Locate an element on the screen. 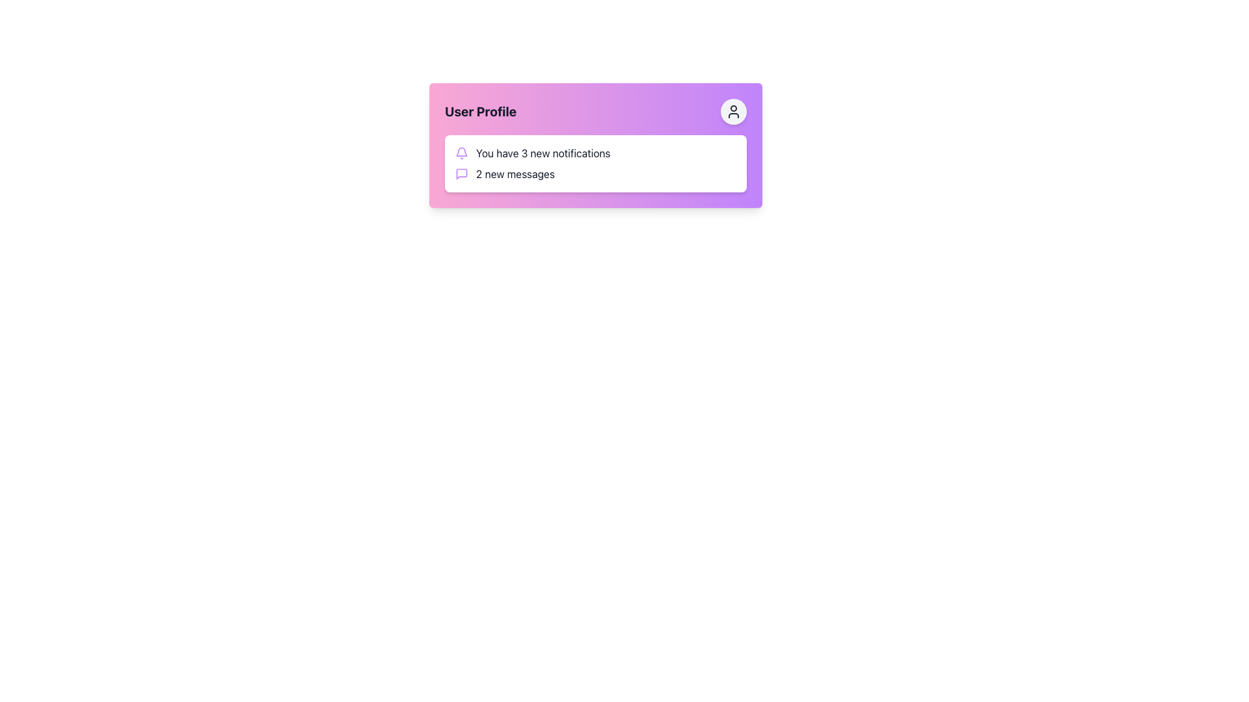 This screenshot has width=1249, height=702. the small speech bubble-style icon, which is a purple-tinted SVG image, positioned to the far left of the '2 new messages' text is located at coordinates (462, 173).